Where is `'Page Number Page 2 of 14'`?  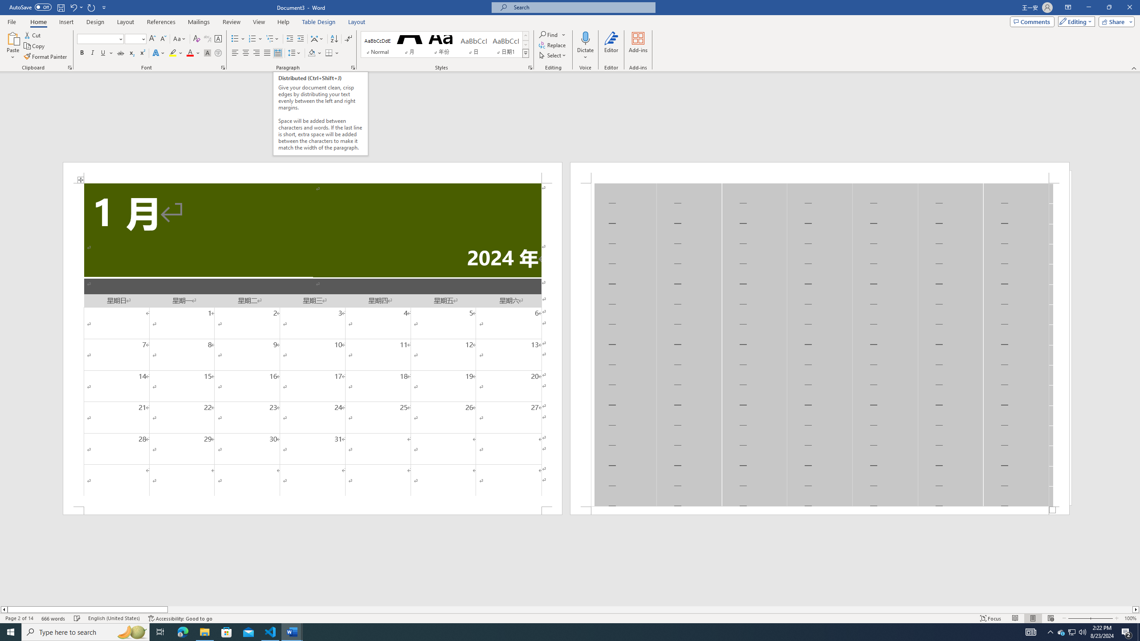
'Page Number Page 2 of 14' is located at coordinates (19, 618).